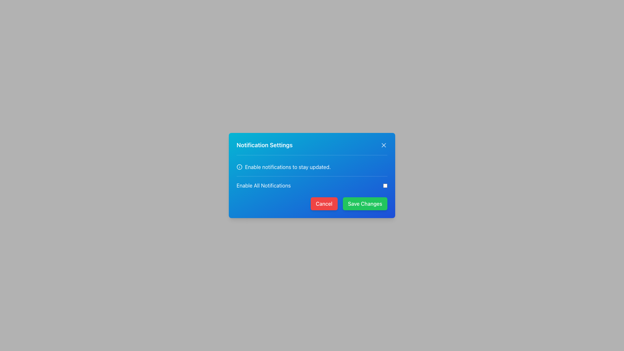 The height and width of the screenshot is (351, 624). What do you see at coordinates (264, 185) in the screenshot?
I see `text label that describes the functionality of the adjacent checkbox for enabling or disabling notifications, located beneath the 'Notification Settings' section header` at bounding box center [264, 185].